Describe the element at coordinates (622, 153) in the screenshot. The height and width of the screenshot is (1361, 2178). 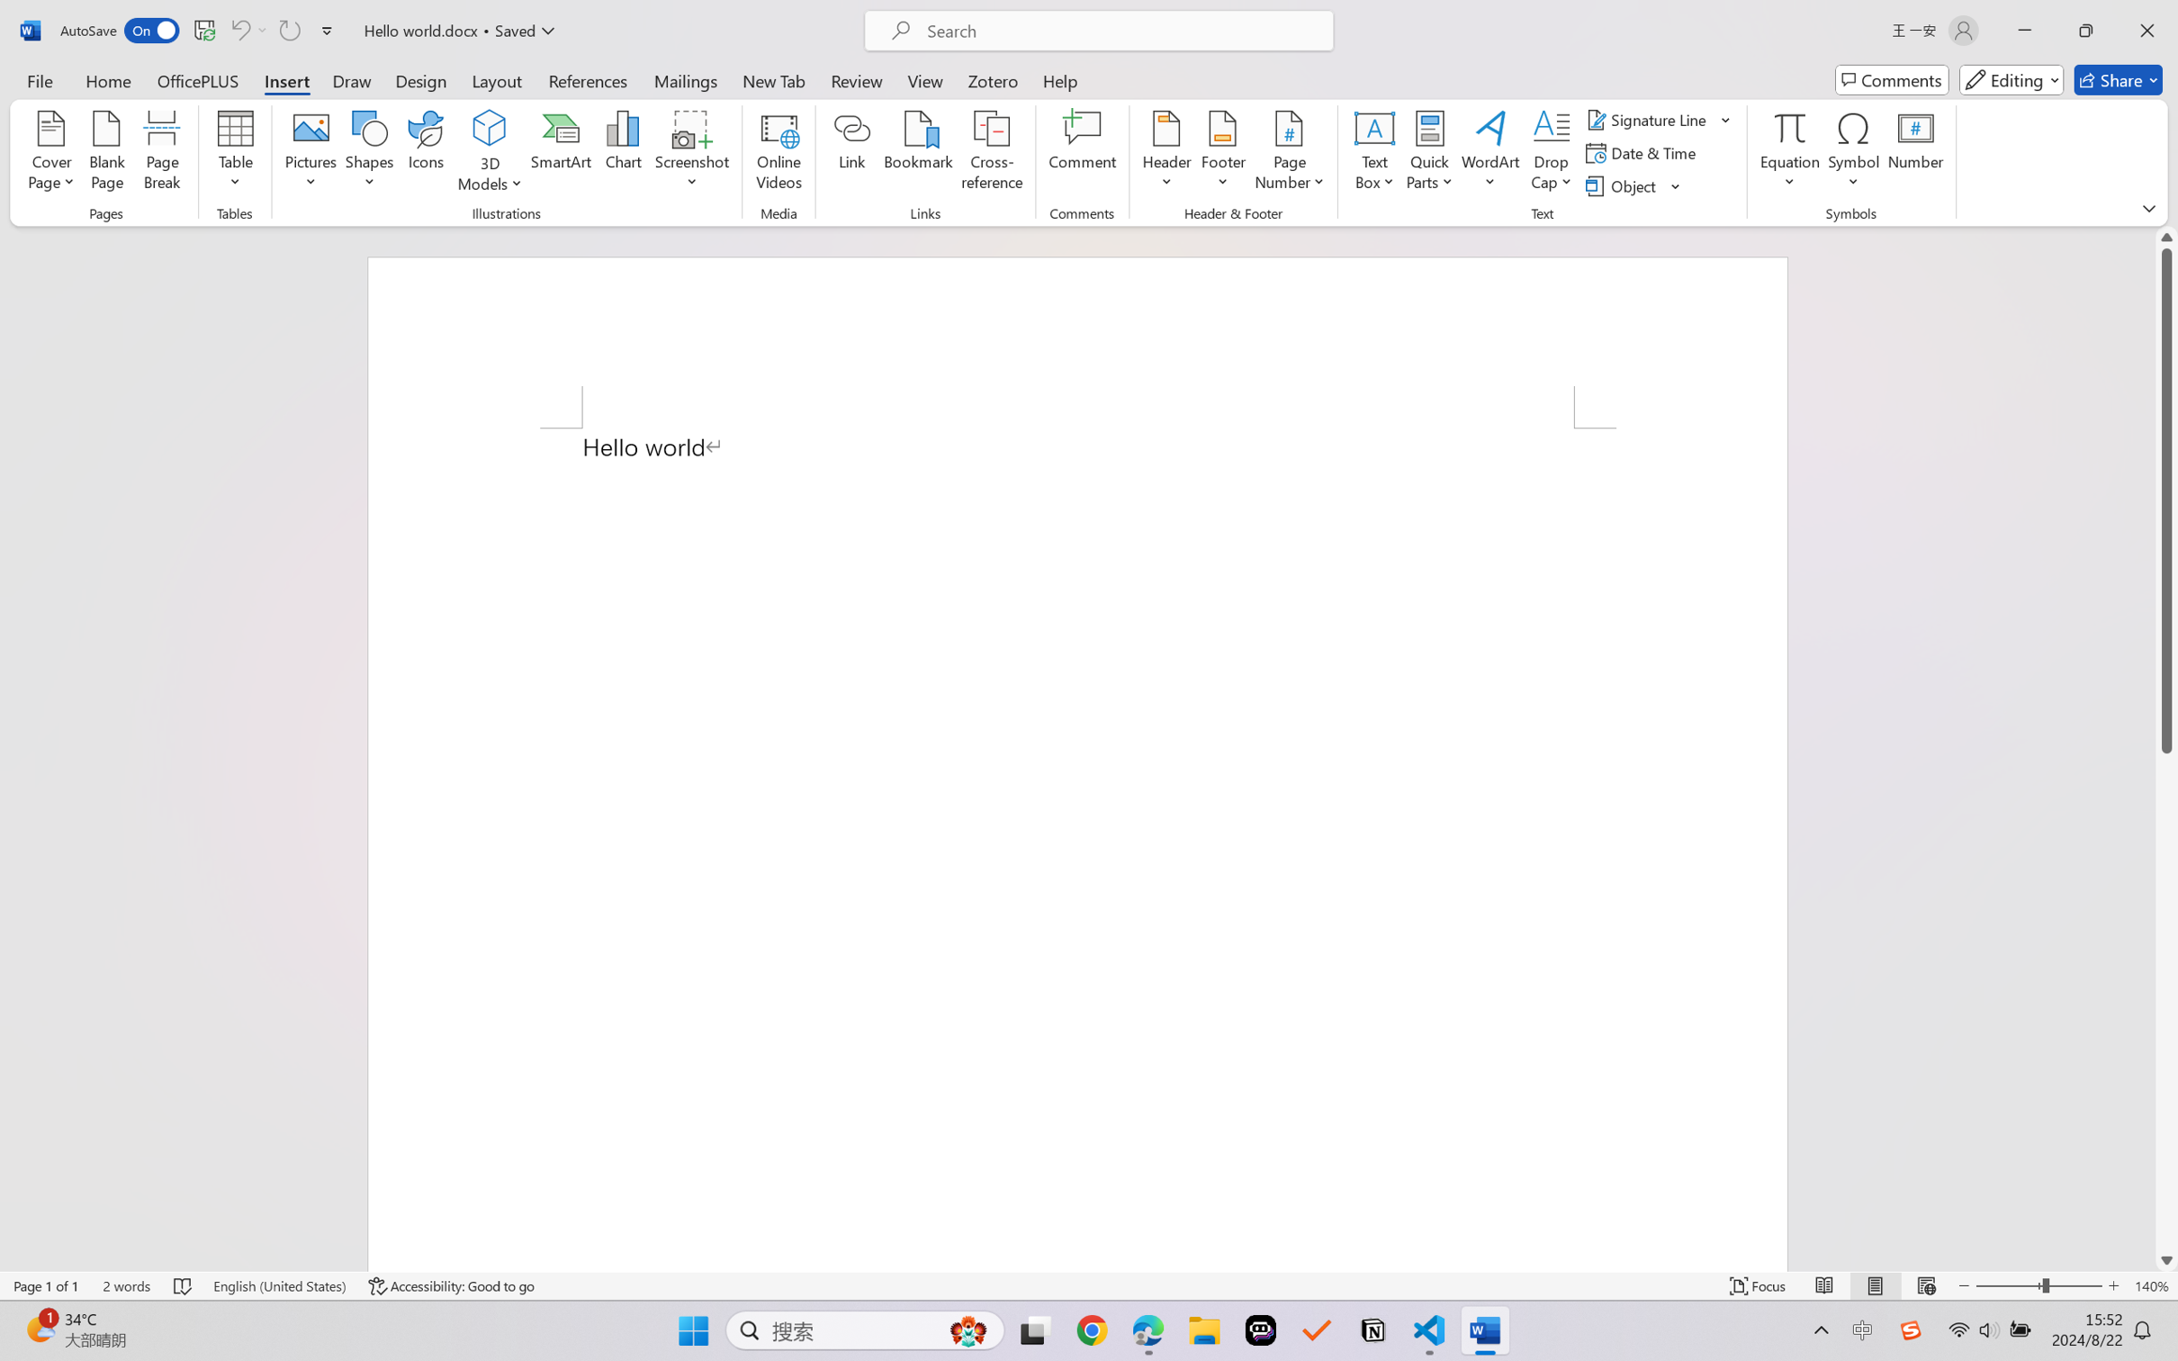
I see `'Chart...'` at that location.